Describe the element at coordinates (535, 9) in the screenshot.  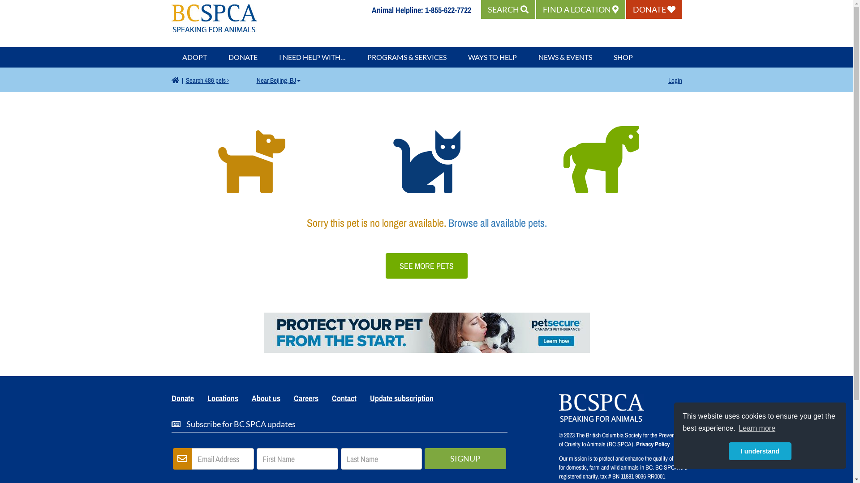
I see `'FIND A LOCATION'` at that location.